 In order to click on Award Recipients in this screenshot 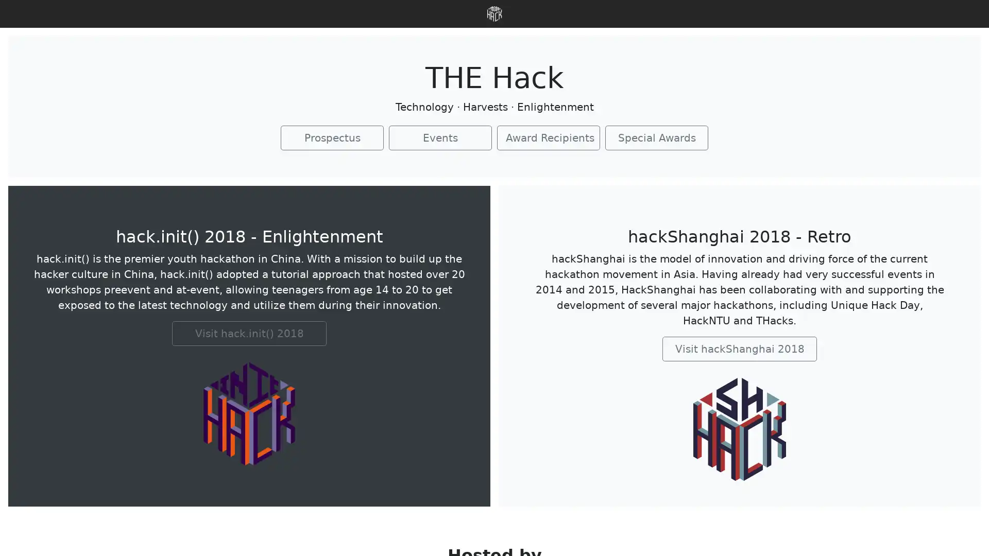, I will do `click(548, 137)`.